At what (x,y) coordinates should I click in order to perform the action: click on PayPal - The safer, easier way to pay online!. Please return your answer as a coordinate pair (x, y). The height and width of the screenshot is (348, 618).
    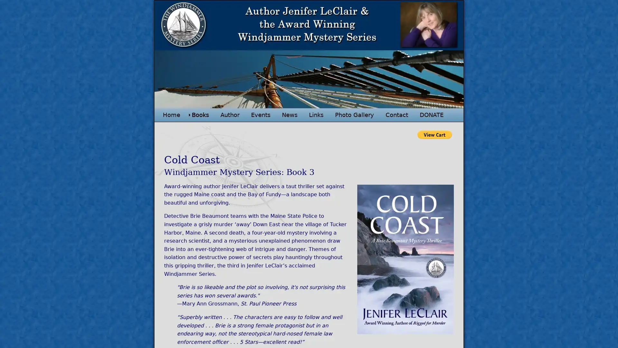
    Looking at the image, I should click on (435, 134).